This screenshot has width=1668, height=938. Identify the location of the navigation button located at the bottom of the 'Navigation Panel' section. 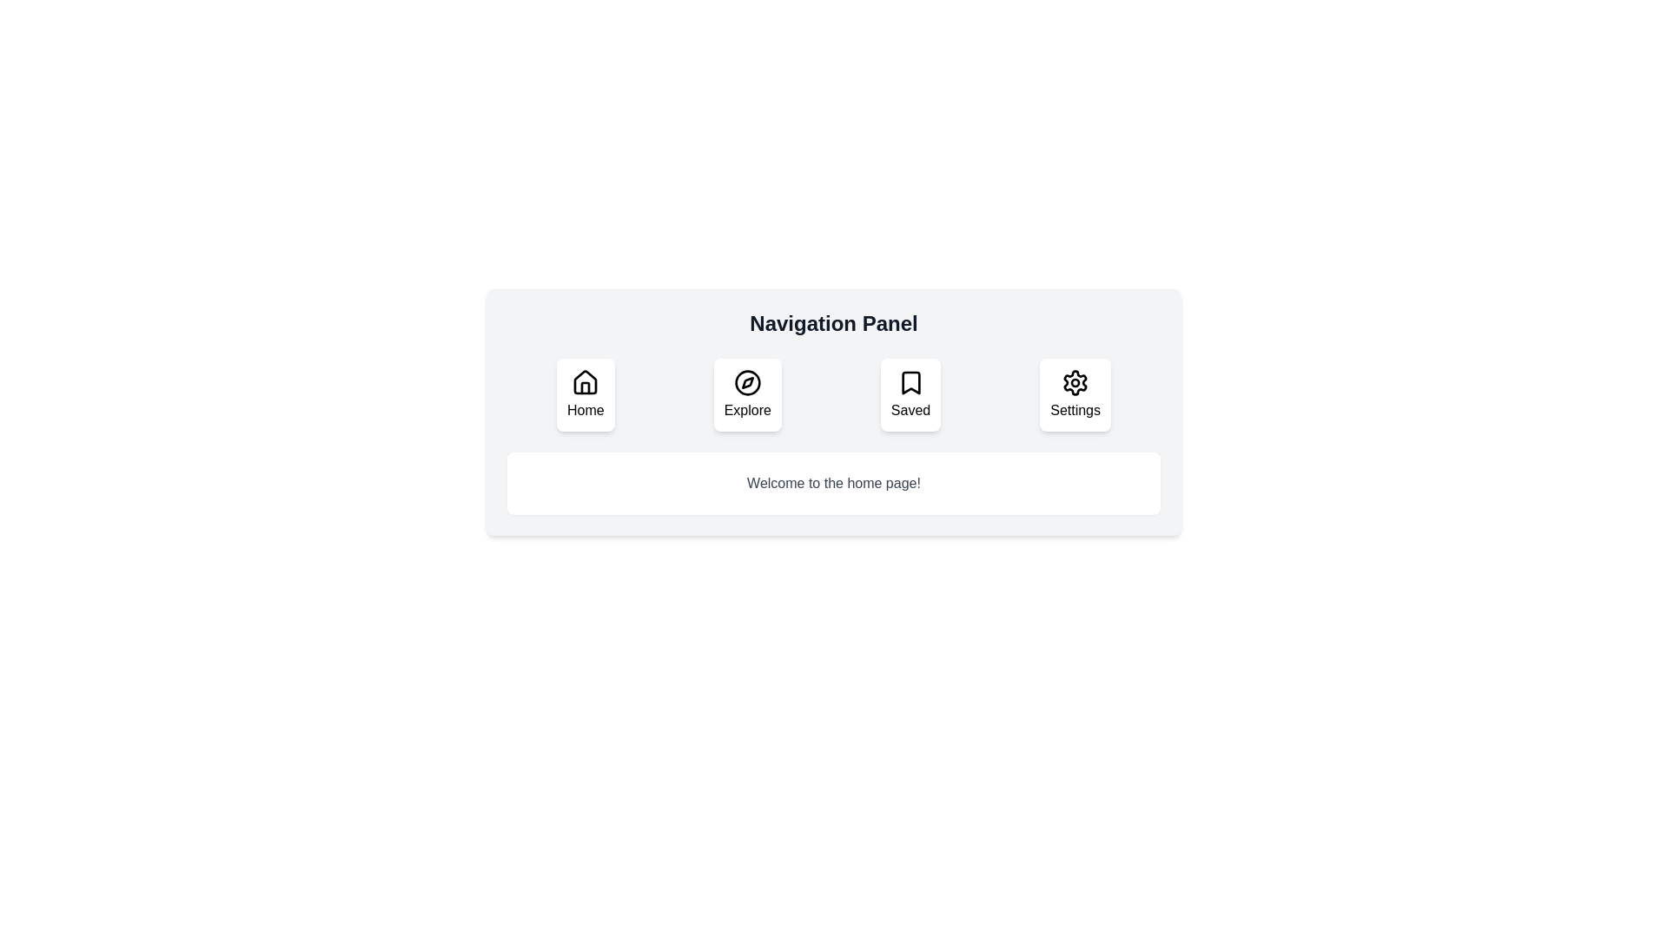
(1075, 395).